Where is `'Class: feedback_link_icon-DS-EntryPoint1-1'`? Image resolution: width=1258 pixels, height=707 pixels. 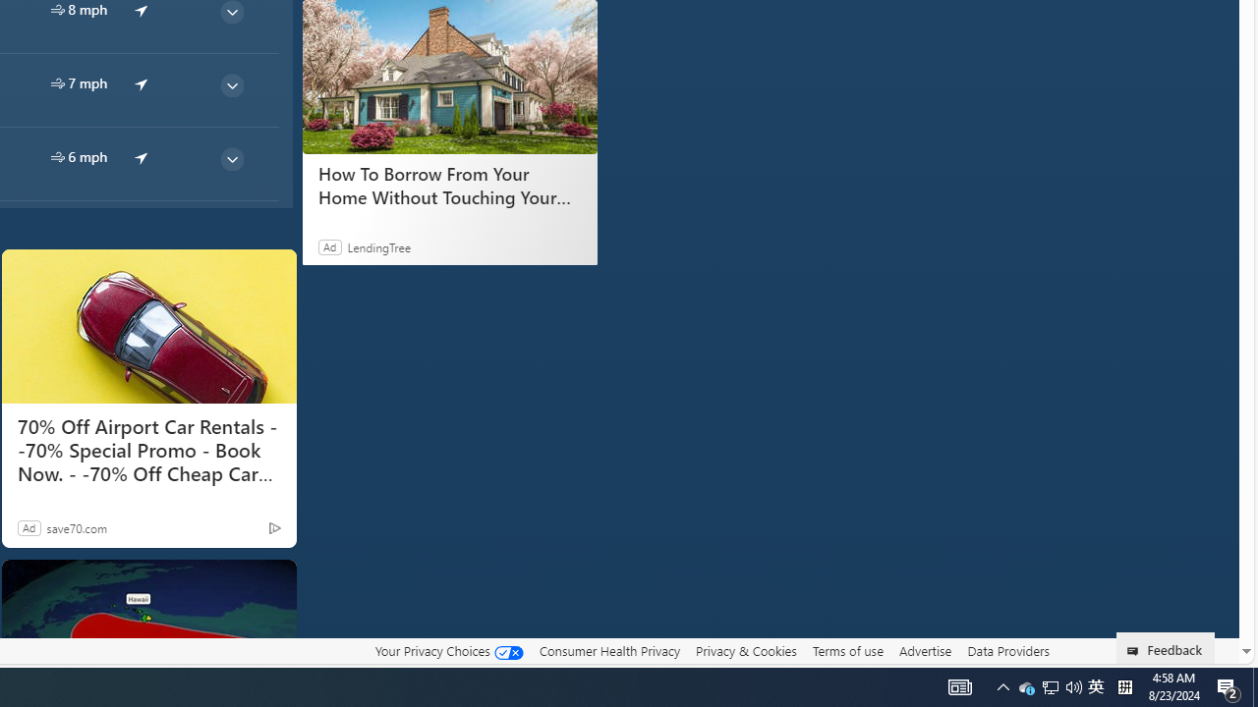 'Class: feedback_link_icon-DS-EntryPoint1-1' is located at coordinates (1136, 651).